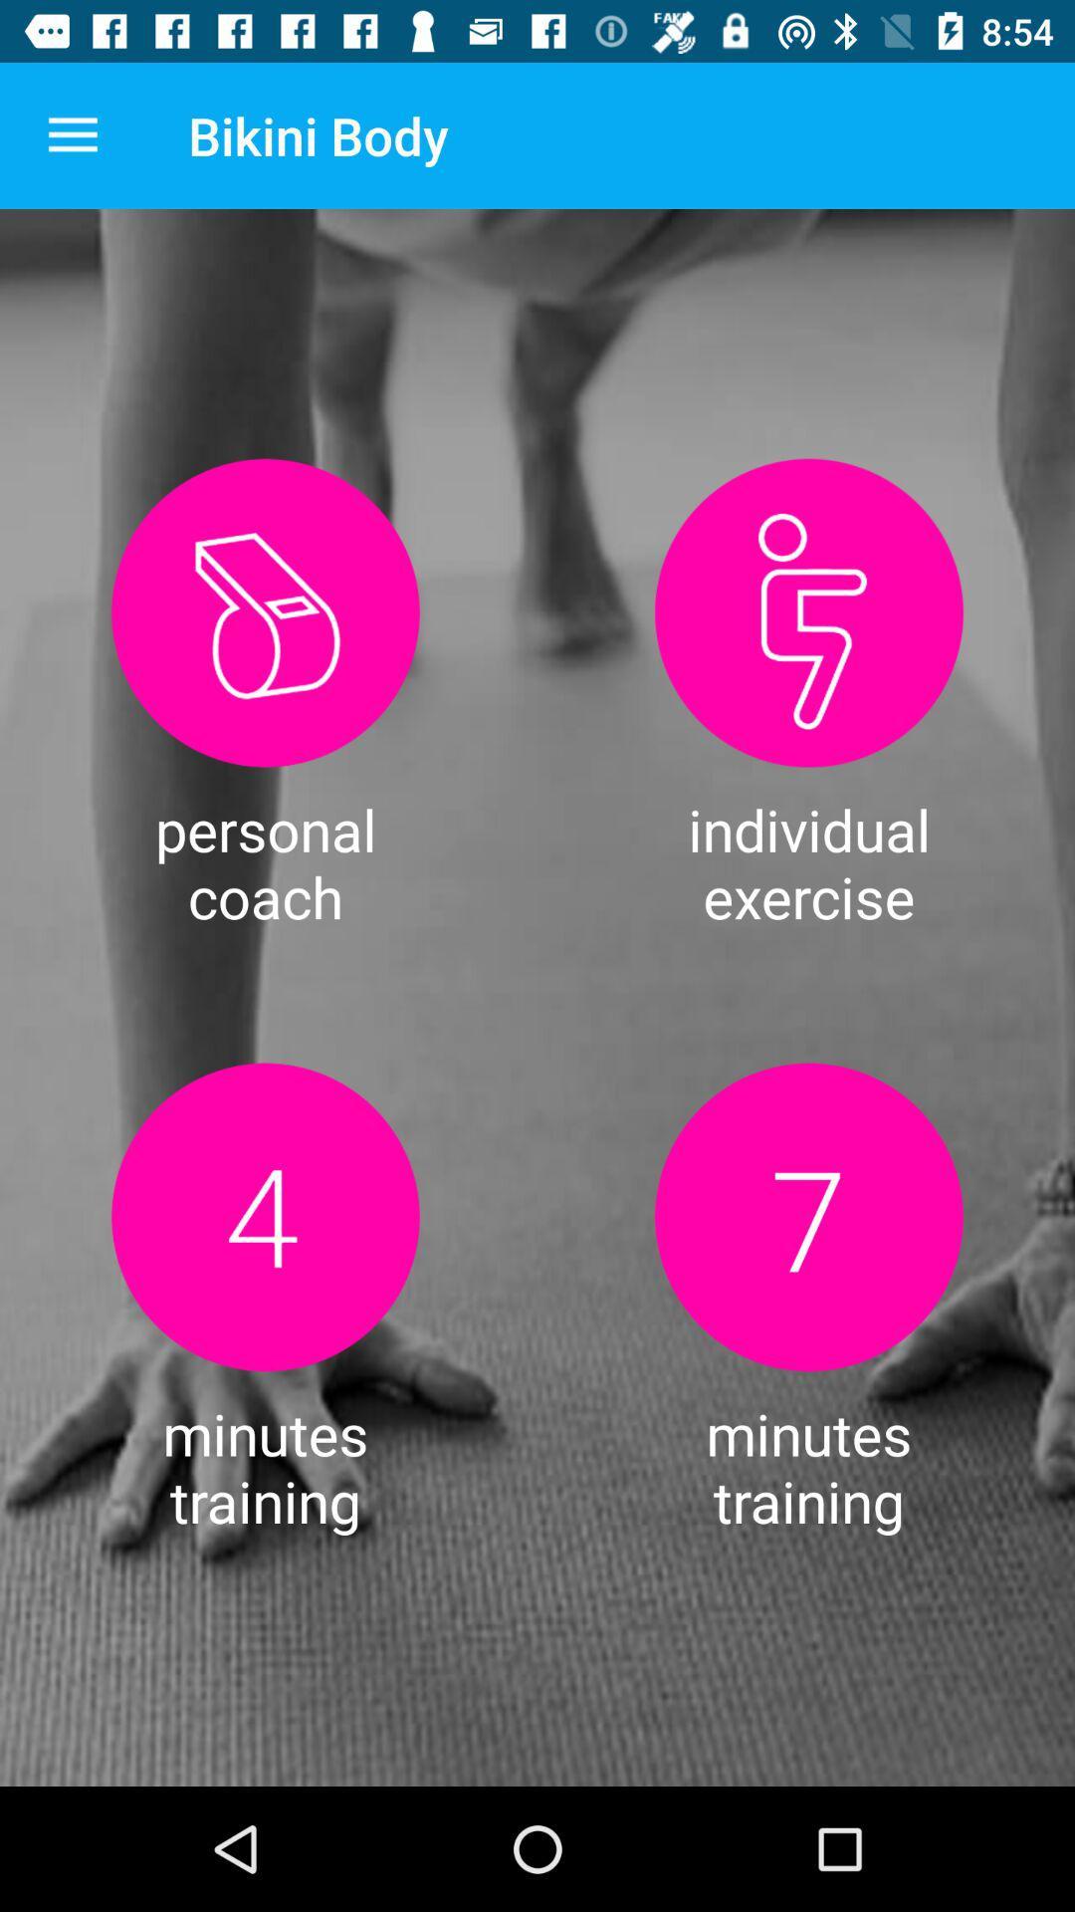 The height and width of the screenshot is (1912, 1075). Describe the element at coordinates (264, 1216) in the screenshot. I see `training timer` at that location.